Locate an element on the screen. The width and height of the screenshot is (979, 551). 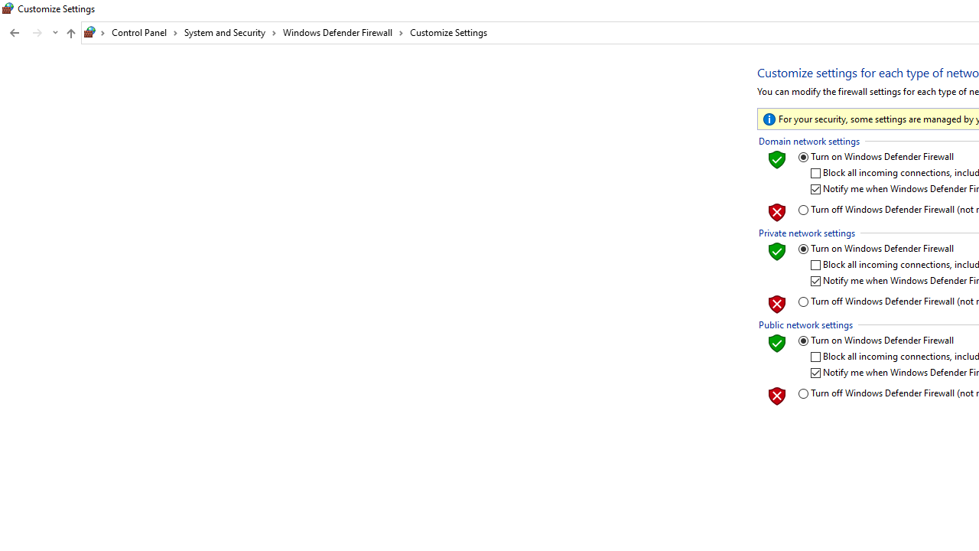
'Recent locations' is located at coordinates (54, 33).